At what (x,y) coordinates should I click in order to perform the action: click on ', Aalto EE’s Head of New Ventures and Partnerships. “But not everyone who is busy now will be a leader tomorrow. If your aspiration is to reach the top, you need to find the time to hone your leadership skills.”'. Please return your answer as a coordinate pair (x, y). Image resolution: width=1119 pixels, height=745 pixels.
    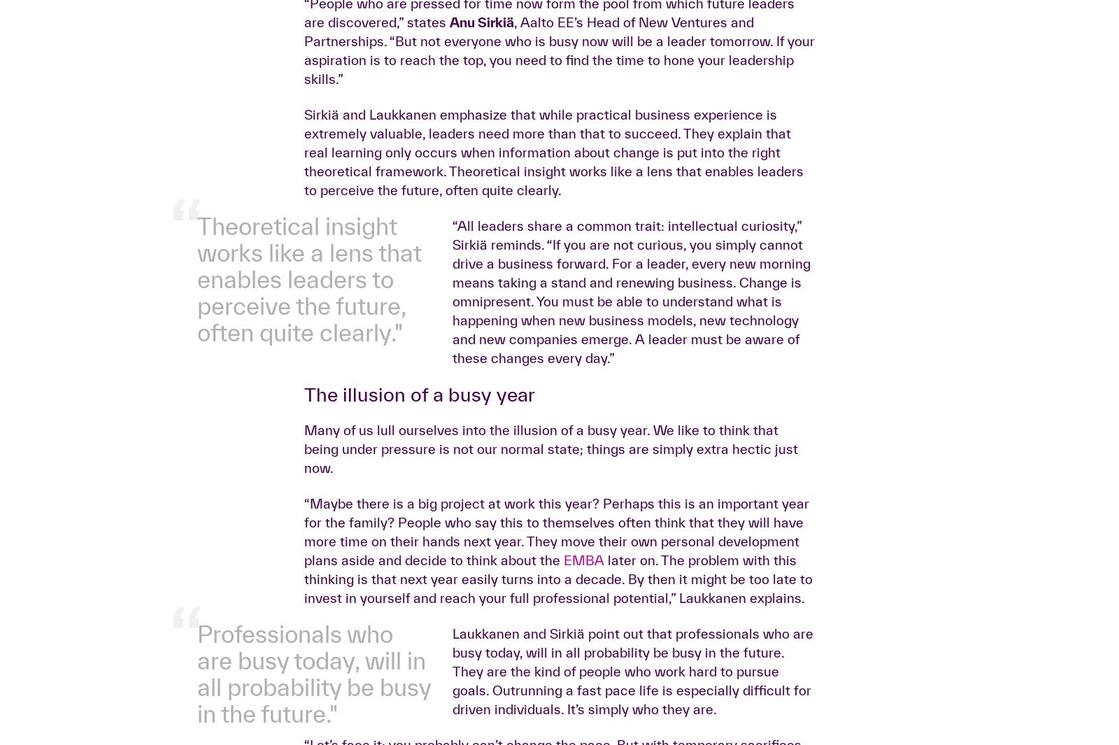
    Looking at the image, I should click on (304, 270).